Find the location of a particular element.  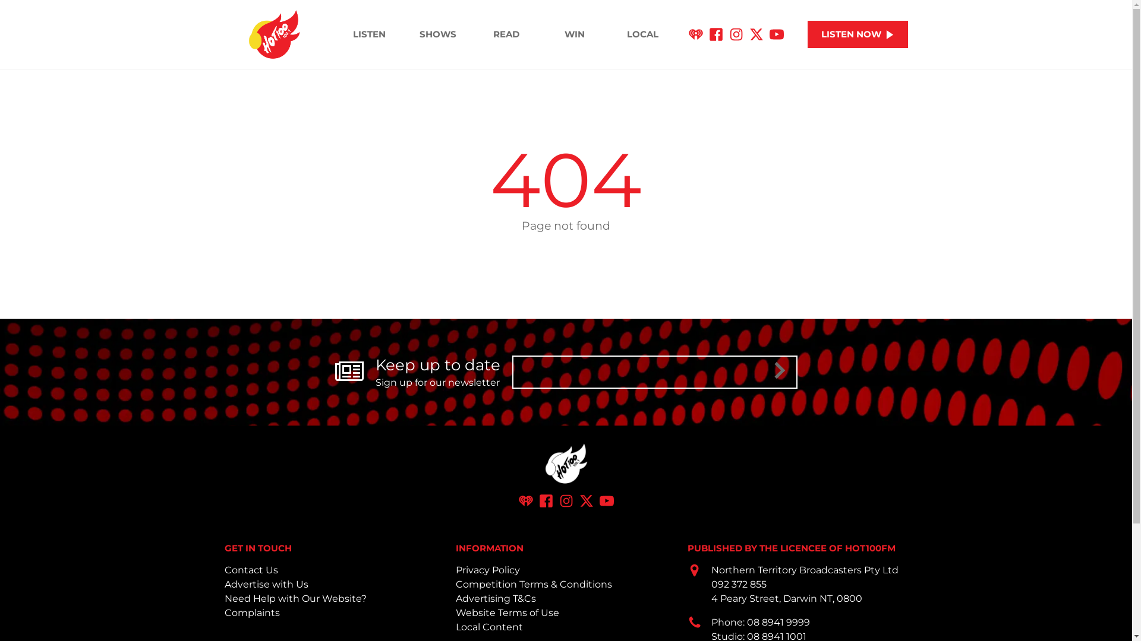

'SHOWS' is located at coordinates (437, 33).